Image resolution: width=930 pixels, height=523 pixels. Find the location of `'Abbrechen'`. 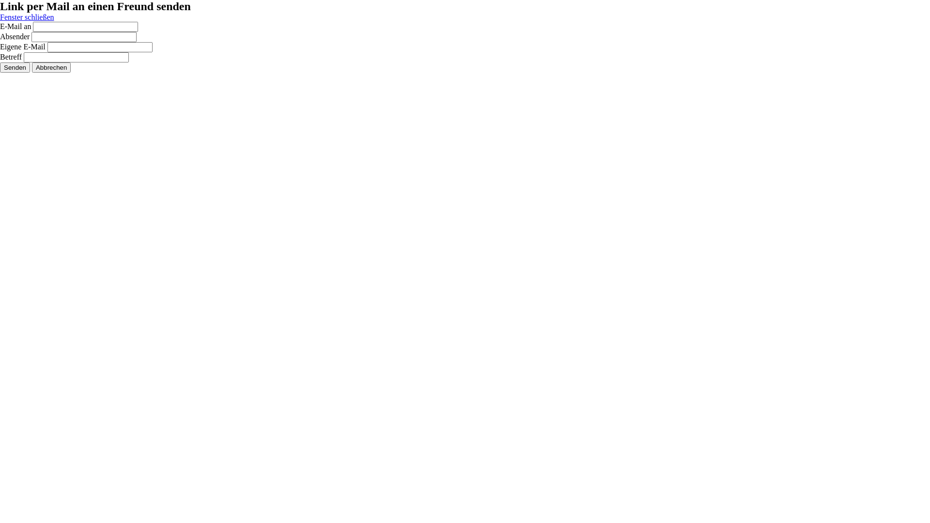

'Abbrechen' is located at coordinates (50, 67).